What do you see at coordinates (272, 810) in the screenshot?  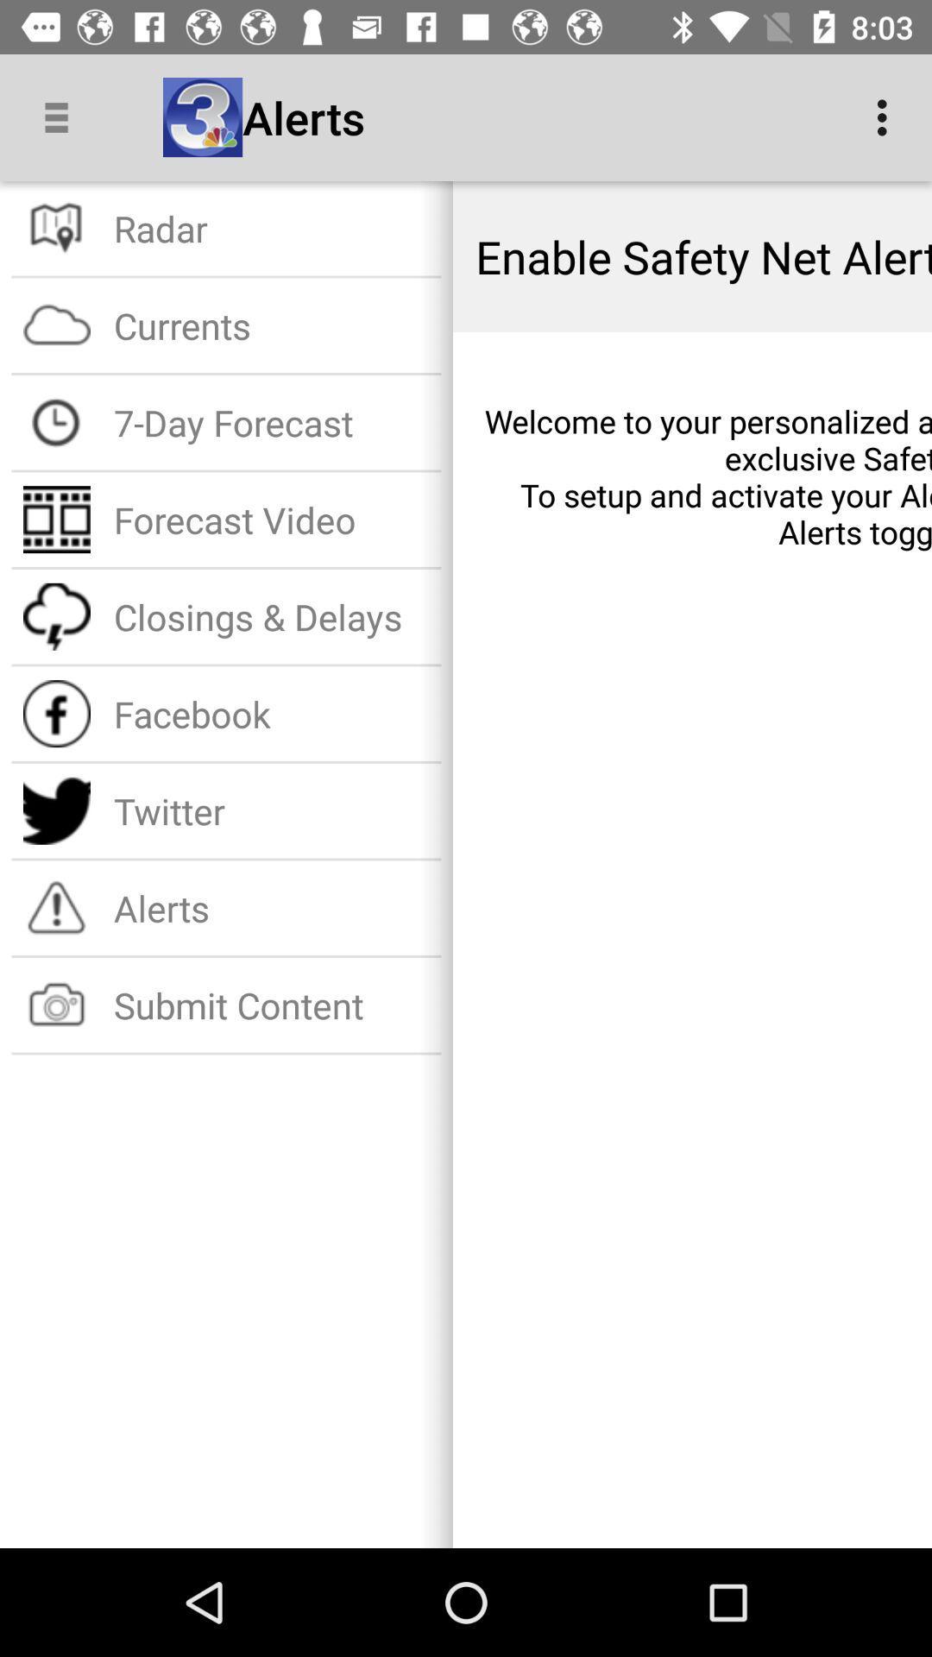 I see `the twitter icon` at bounding box center [272, 810].